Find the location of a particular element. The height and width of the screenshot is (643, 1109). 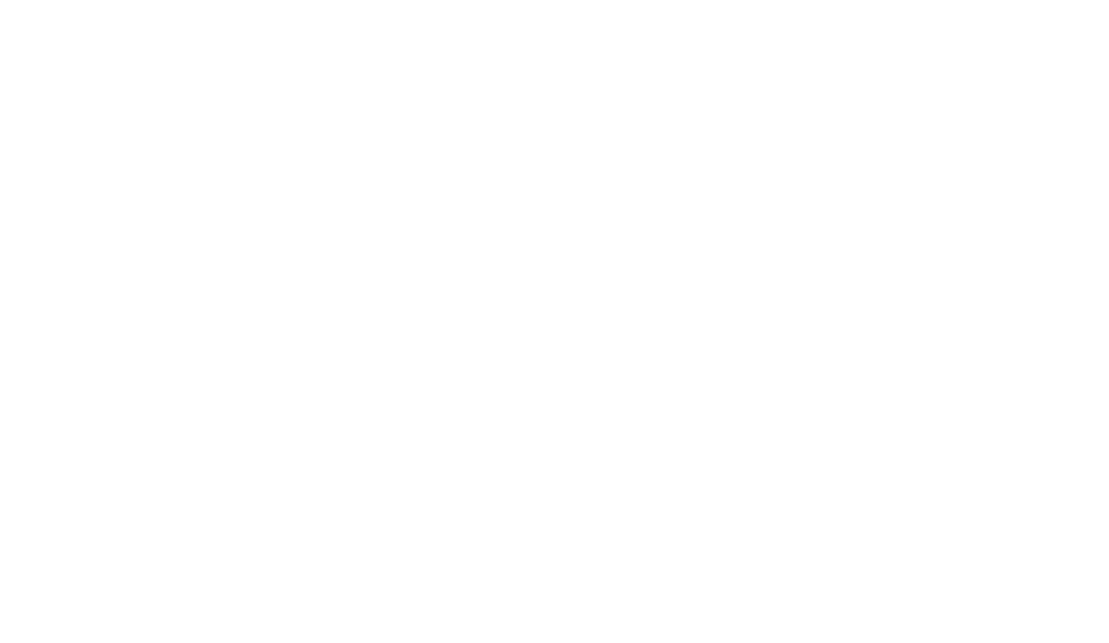

'Majorque' is located at coordinates (266, 368).